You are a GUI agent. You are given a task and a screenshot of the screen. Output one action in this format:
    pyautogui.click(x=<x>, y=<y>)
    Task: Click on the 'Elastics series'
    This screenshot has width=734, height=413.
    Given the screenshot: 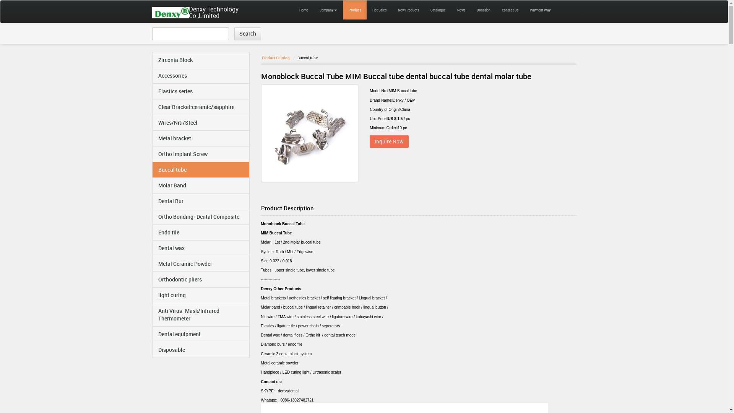 What is the action you would take?
    pyautogui.click(x=200, y=91)
    